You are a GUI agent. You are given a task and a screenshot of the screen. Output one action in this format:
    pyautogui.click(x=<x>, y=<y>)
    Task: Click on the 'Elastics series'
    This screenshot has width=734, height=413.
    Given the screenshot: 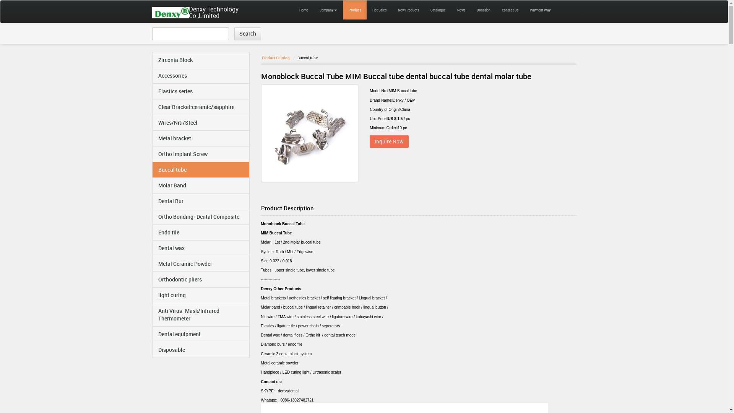 What is the action you would take?
    pyautogui.click(x=200, y=91)
    